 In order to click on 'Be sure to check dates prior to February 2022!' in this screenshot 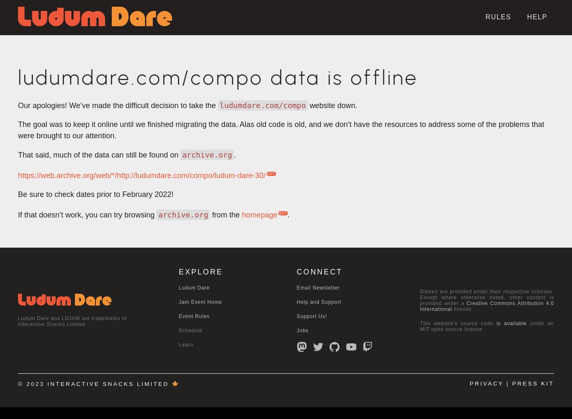, I will do `click(95, 194)`.